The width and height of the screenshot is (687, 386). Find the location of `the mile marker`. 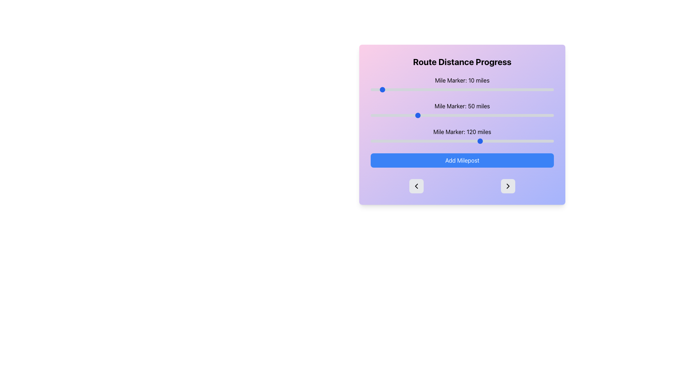

the mile marker is located at coordinates (552, 141).